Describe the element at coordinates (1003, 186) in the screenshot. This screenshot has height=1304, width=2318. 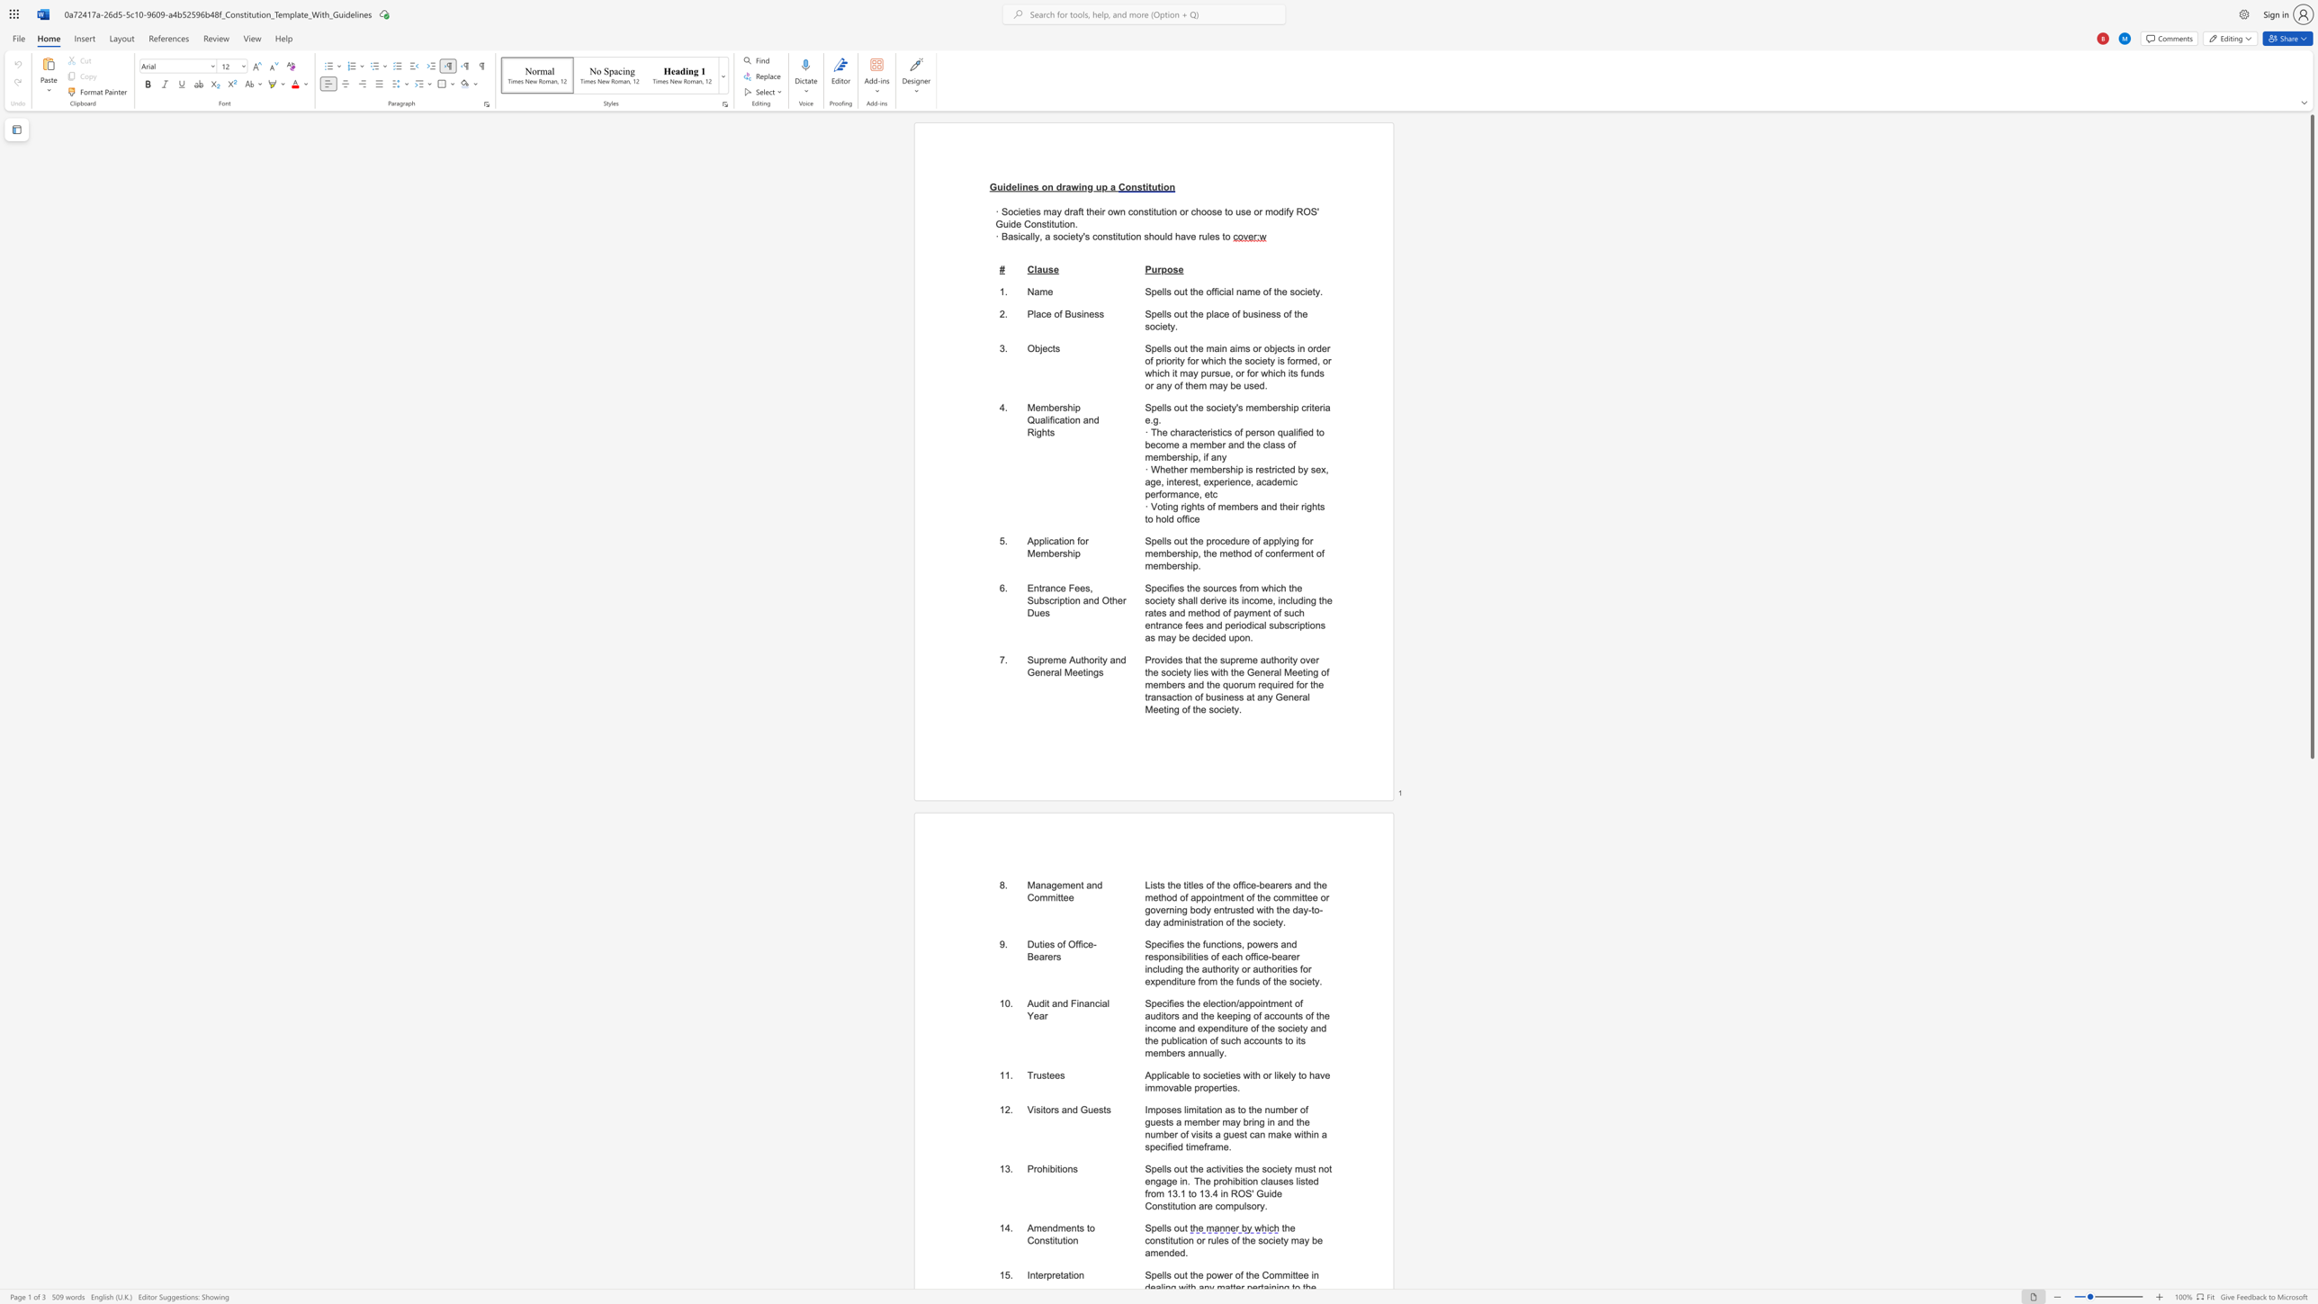
I see `the 1th character "i" in the text` at that location.